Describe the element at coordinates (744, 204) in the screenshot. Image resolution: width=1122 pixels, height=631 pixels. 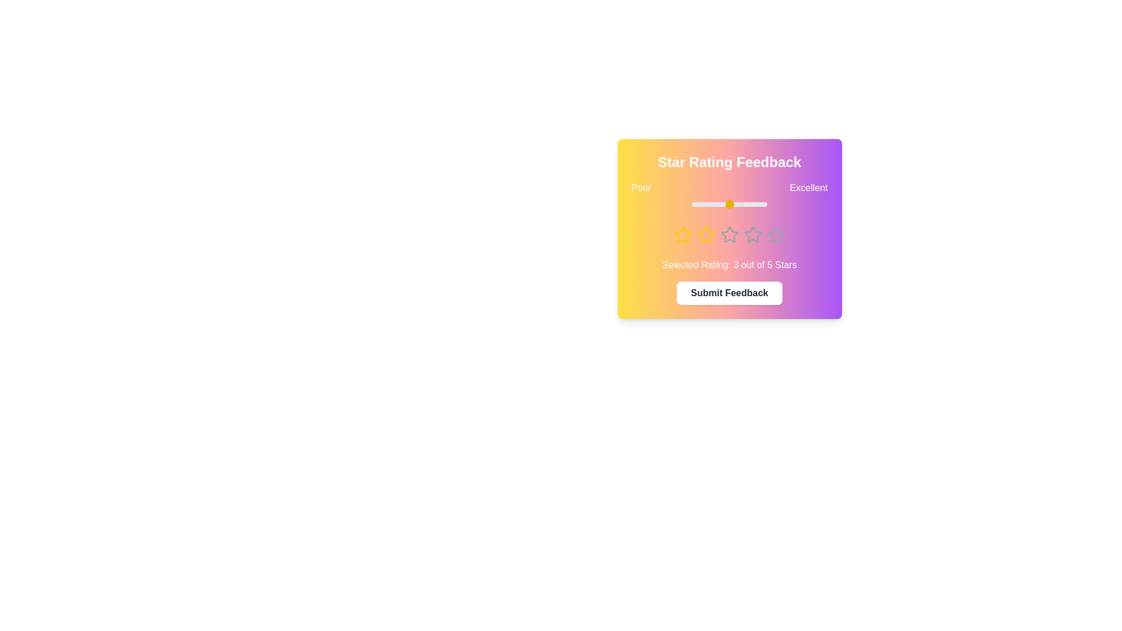
I see `the slider to set the rating value to 71` at that location.